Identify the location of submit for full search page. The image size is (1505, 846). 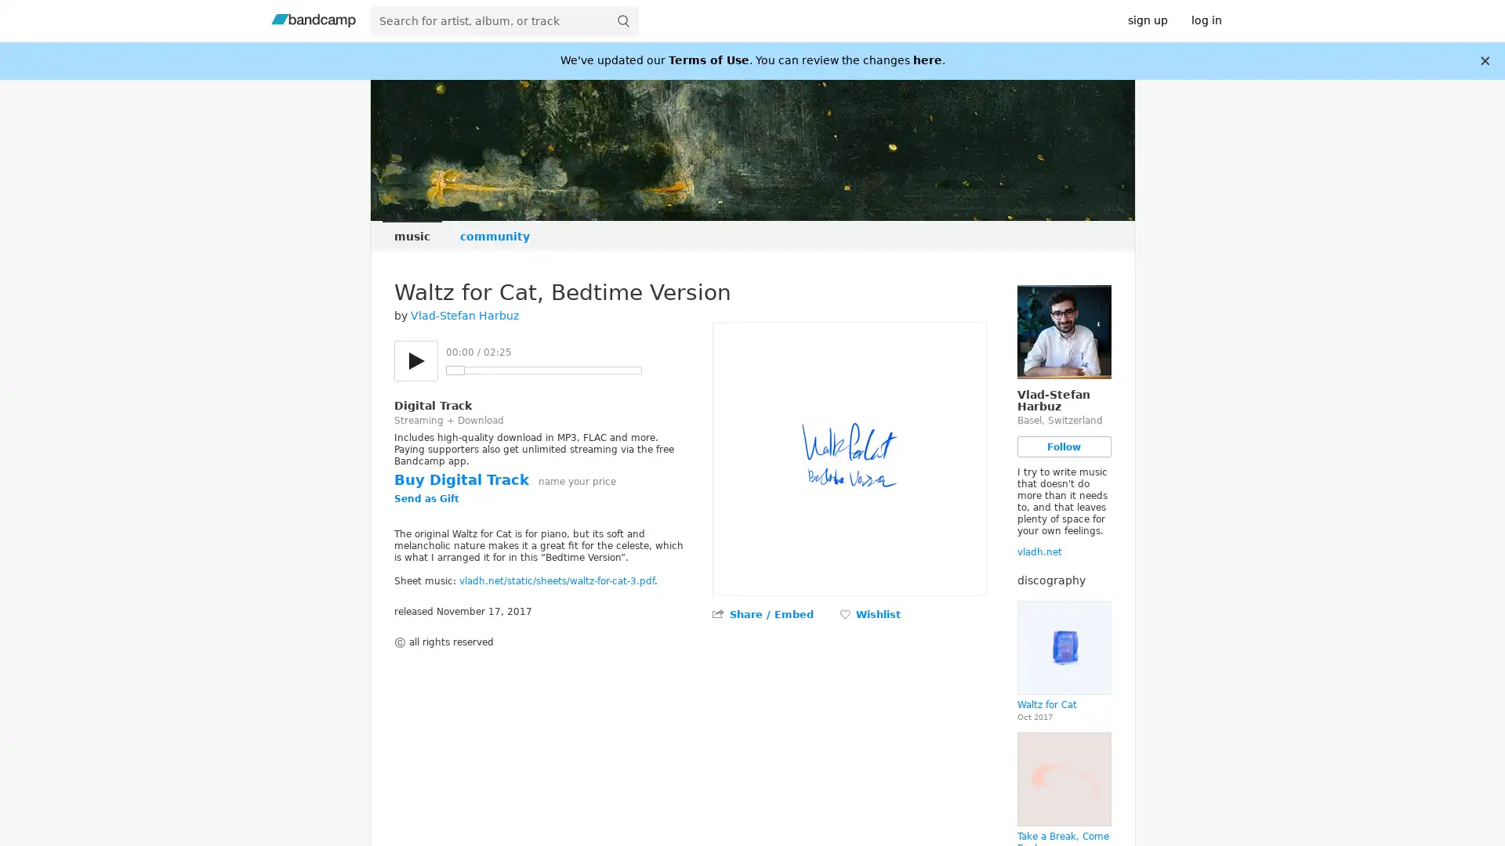
(622, 20).